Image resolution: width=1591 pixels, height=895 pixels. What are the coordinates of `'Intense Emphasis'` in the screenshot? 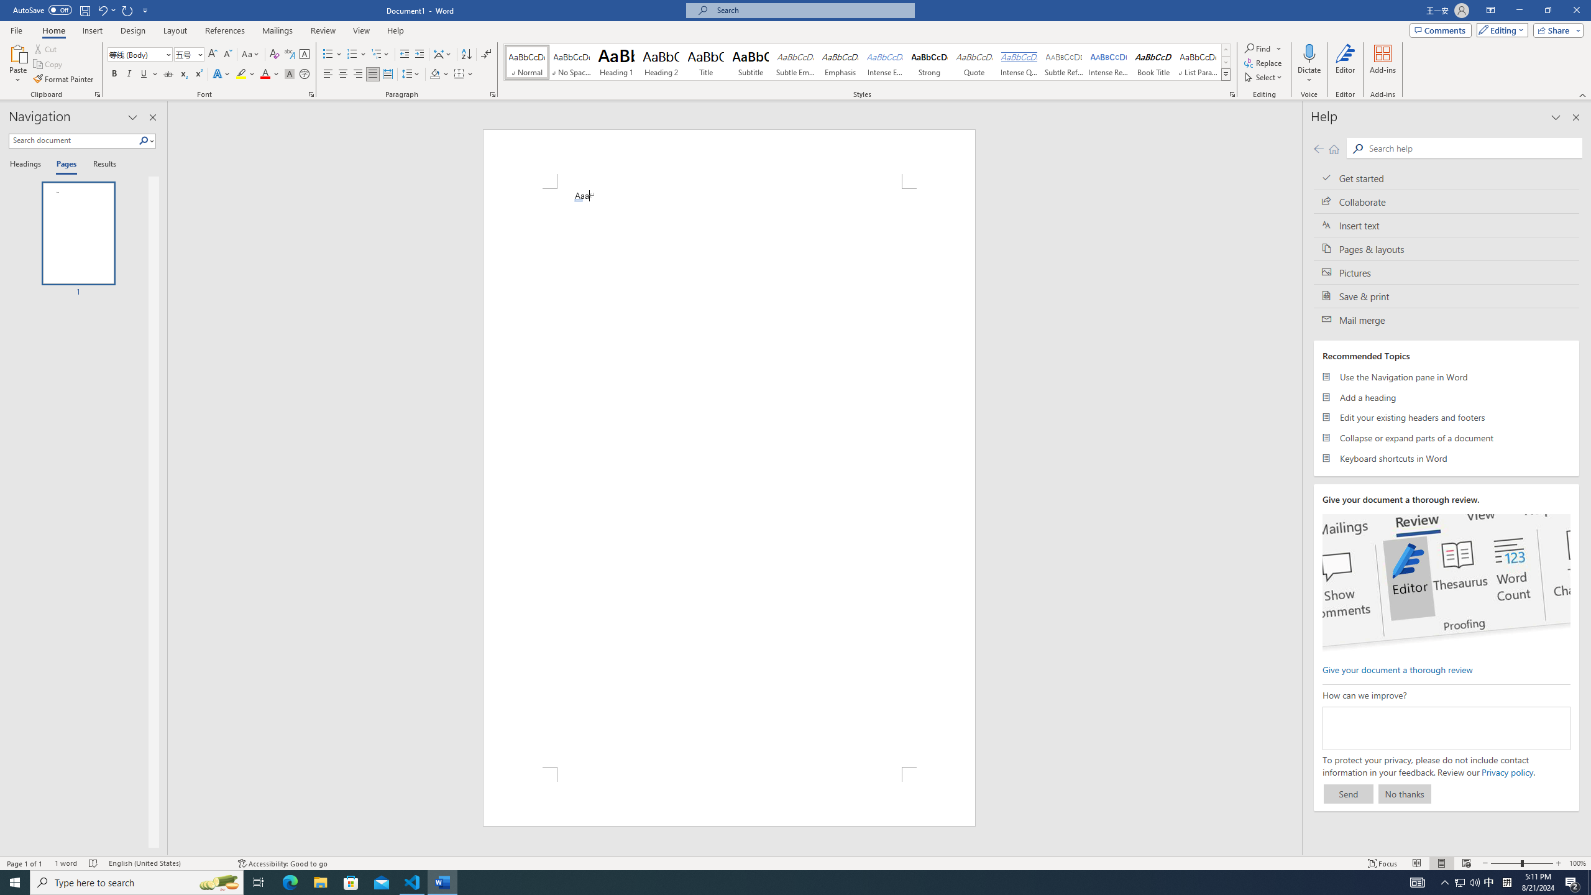 It's located at (884, 62).